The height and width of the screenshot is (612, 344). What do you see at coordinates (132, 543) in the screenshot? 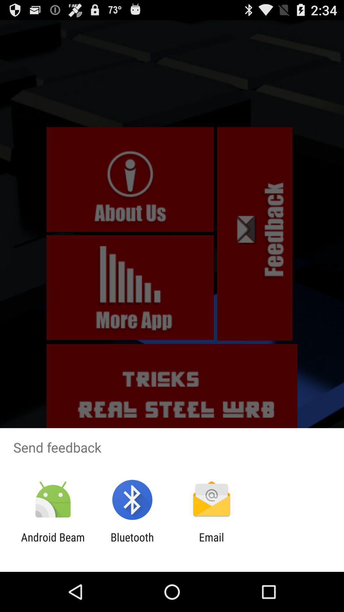
I see `the bluetooth item` at bounding box center [132, 543].